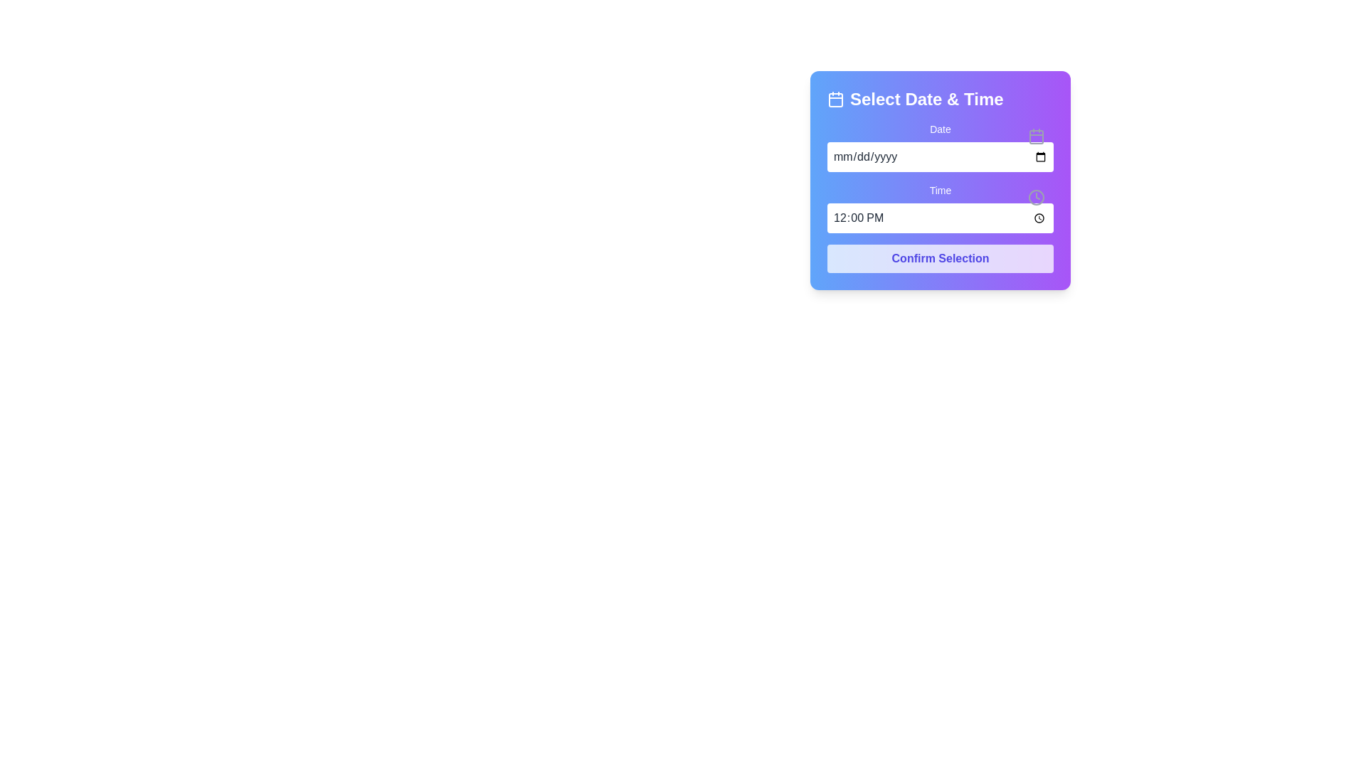  What do you see at coordinates (1037, 197) in the screenshot?
I see `the circular SVG element with a gray outline located in the clock icon to the right of the 'Time' input field in the 'Select Date & Time' interface` at bounding box center [1037, 197].